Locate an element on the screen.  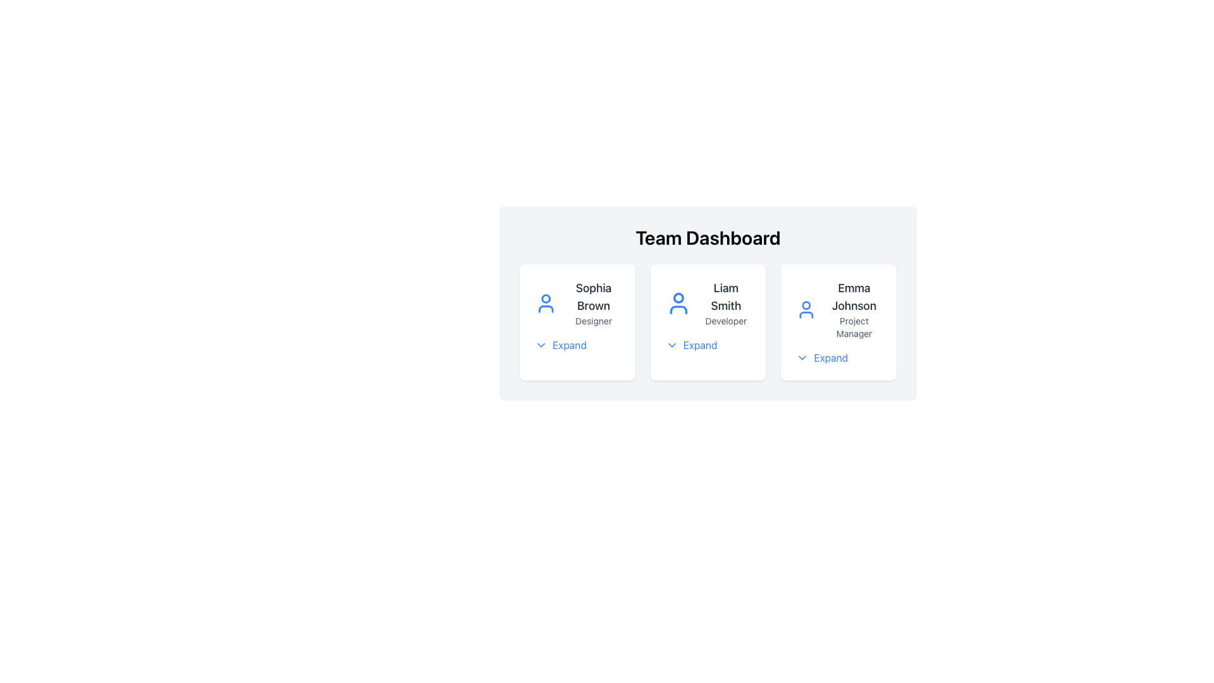
the chevron icon next to the 'Expand' text in the user card labeled 'Sophia Brown Designer' is located at coordinates (541, 345).